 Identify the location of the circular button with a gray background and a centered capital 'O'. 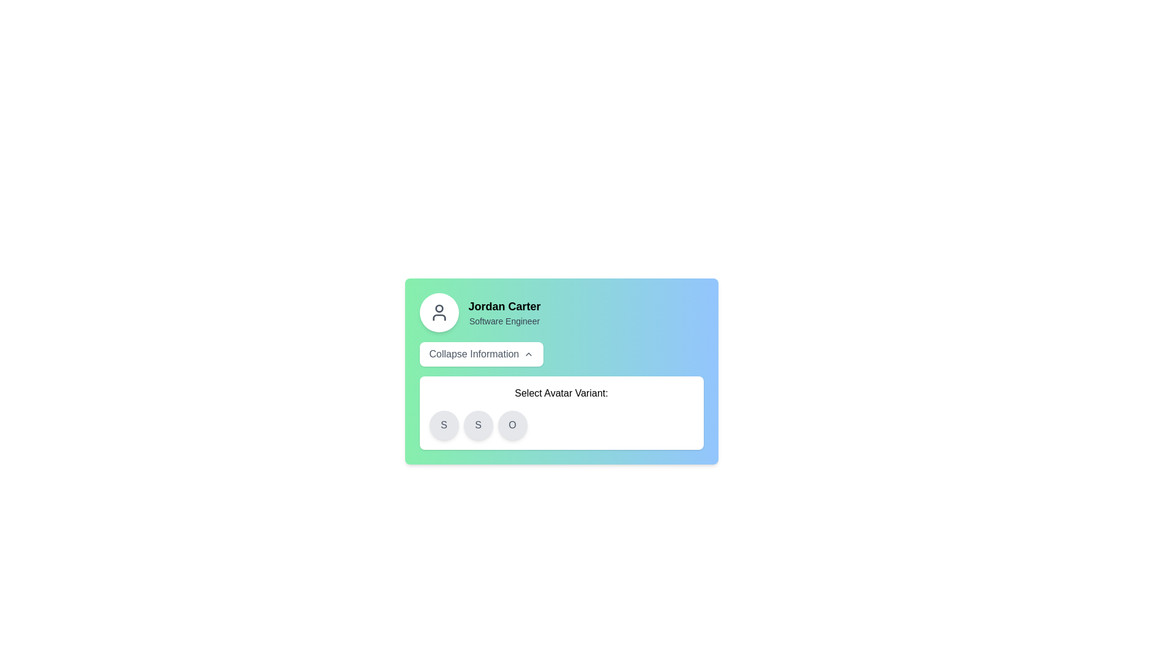
(512, 424).